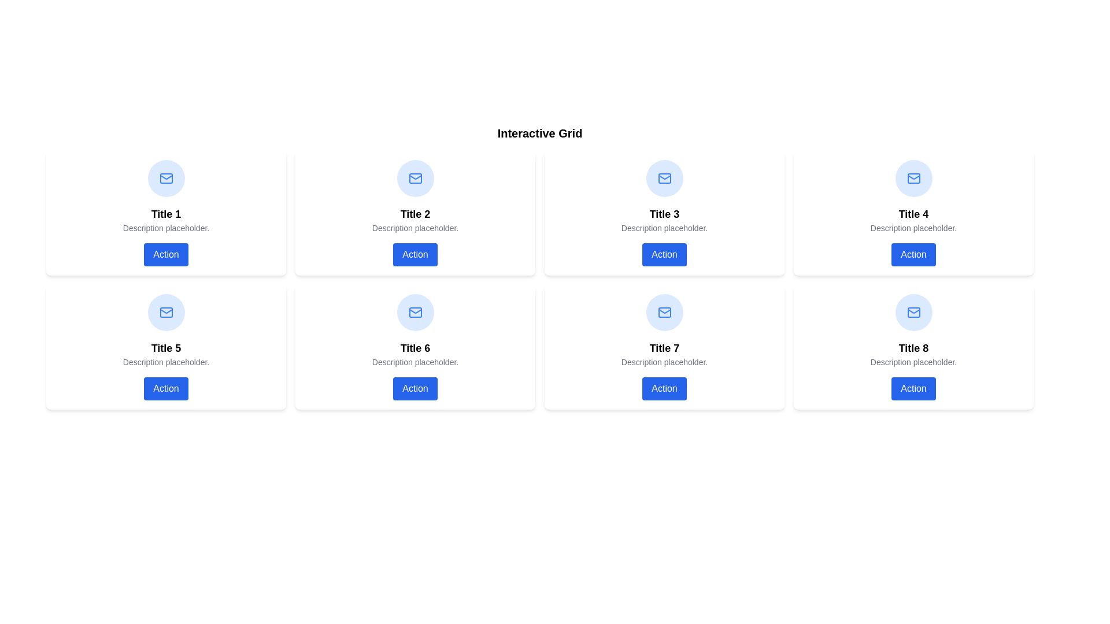  Describe the element at coordinates (664, 177) in the screenshot. I see `the mail icon SVG located at the top center of the card labeled 'Title 7'` at that location.